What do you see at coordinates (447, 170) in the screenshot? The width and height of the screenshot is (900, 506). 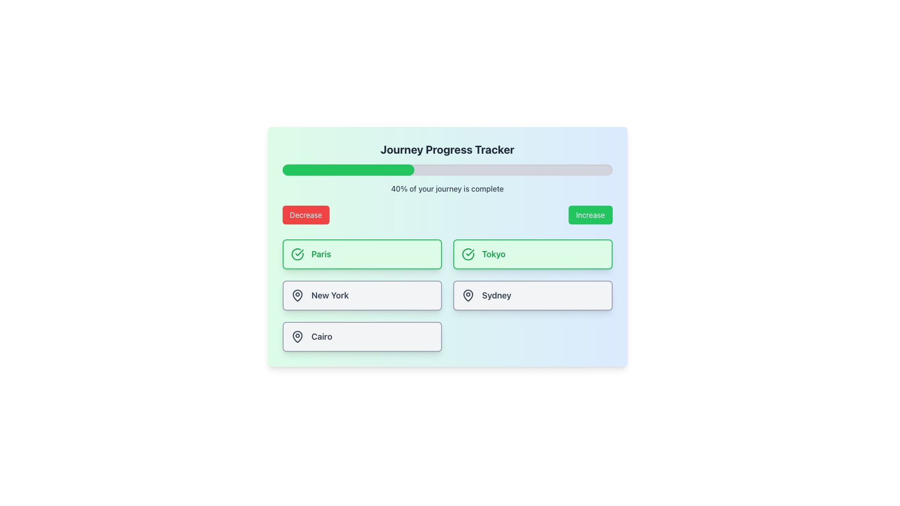 I see `the progress represented by the progress bar located below the title 'Journey Progress Tracker' and above the text '40% of your journey is complete'` at bounding box center [447, 170].